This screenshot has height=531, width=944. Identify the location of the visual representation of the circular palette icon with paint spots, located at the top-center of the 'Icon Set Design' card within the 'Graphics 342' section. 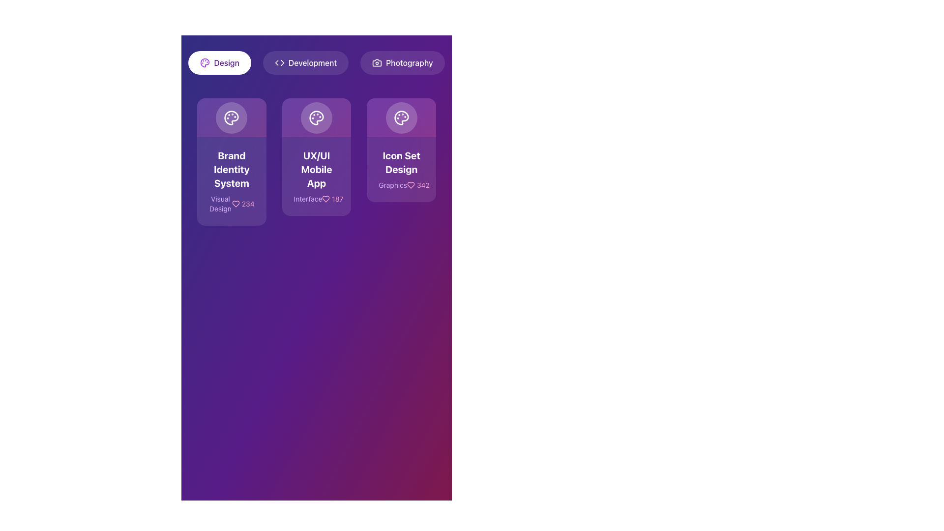
(401, 117).